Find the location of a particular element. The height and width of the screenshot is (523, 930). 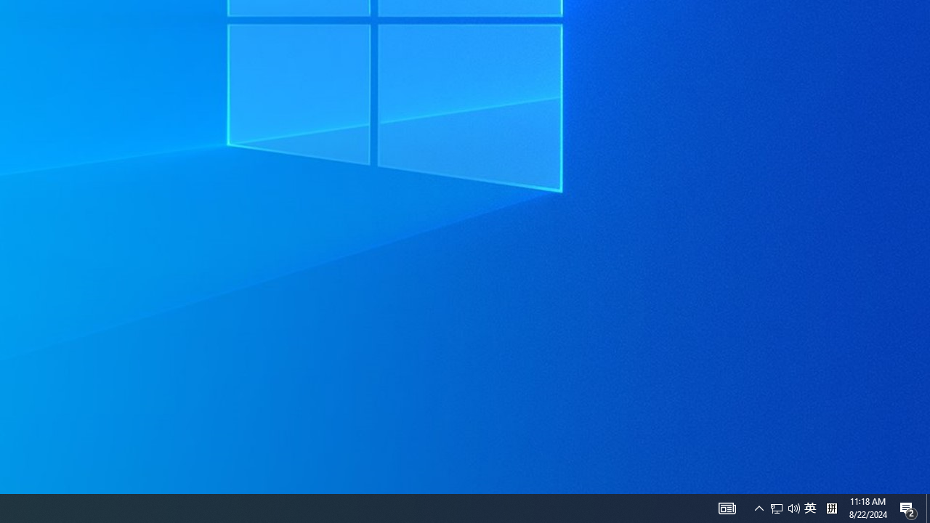

'Q2790: 100%' is located at coordinates (831, 507).